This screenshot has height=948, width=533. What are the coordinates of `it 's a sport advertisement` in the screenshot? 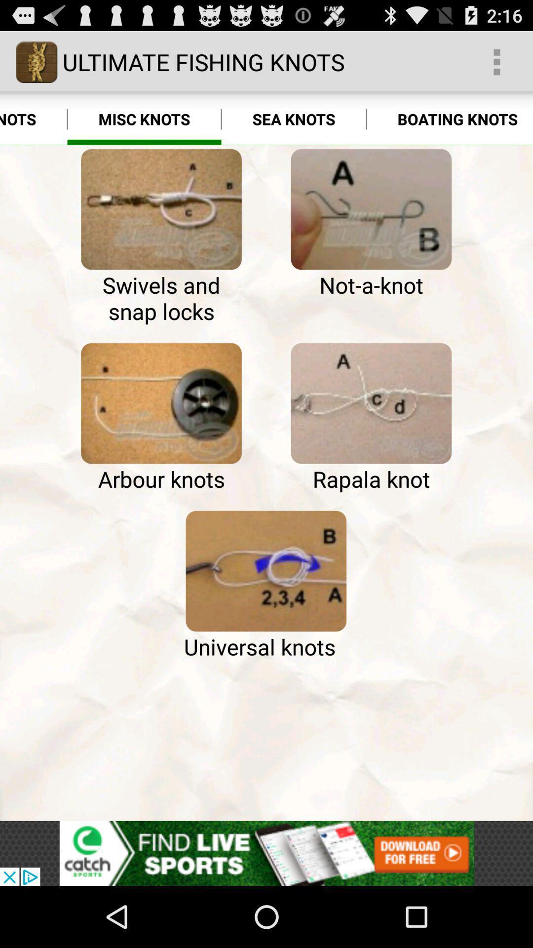 It's located at (266, 853).